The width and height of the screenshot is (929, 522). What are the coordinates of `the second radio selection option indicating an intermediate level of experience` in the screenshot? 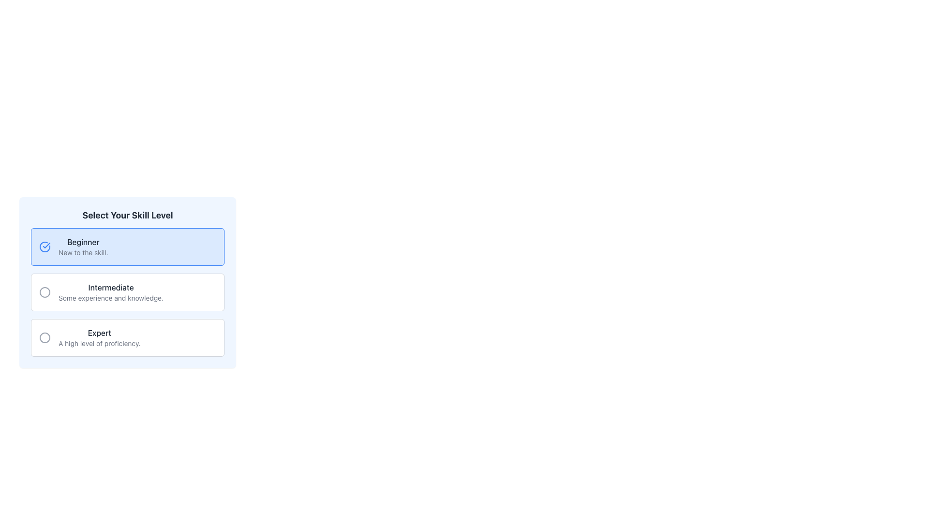 It's located at (127, 292).